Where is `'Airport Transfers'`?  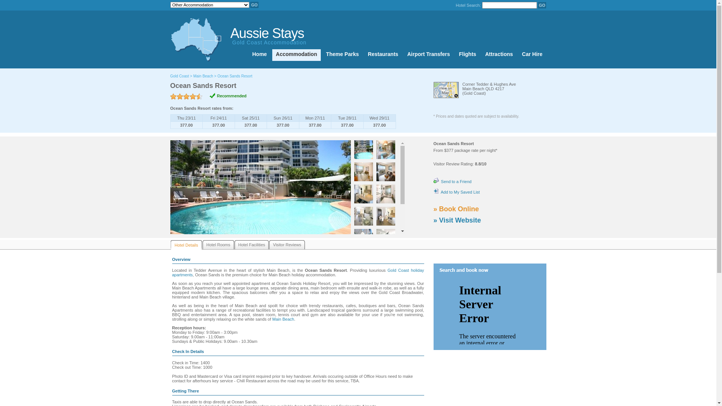 'Airport Transfers' is located at coordinates (429, 55).